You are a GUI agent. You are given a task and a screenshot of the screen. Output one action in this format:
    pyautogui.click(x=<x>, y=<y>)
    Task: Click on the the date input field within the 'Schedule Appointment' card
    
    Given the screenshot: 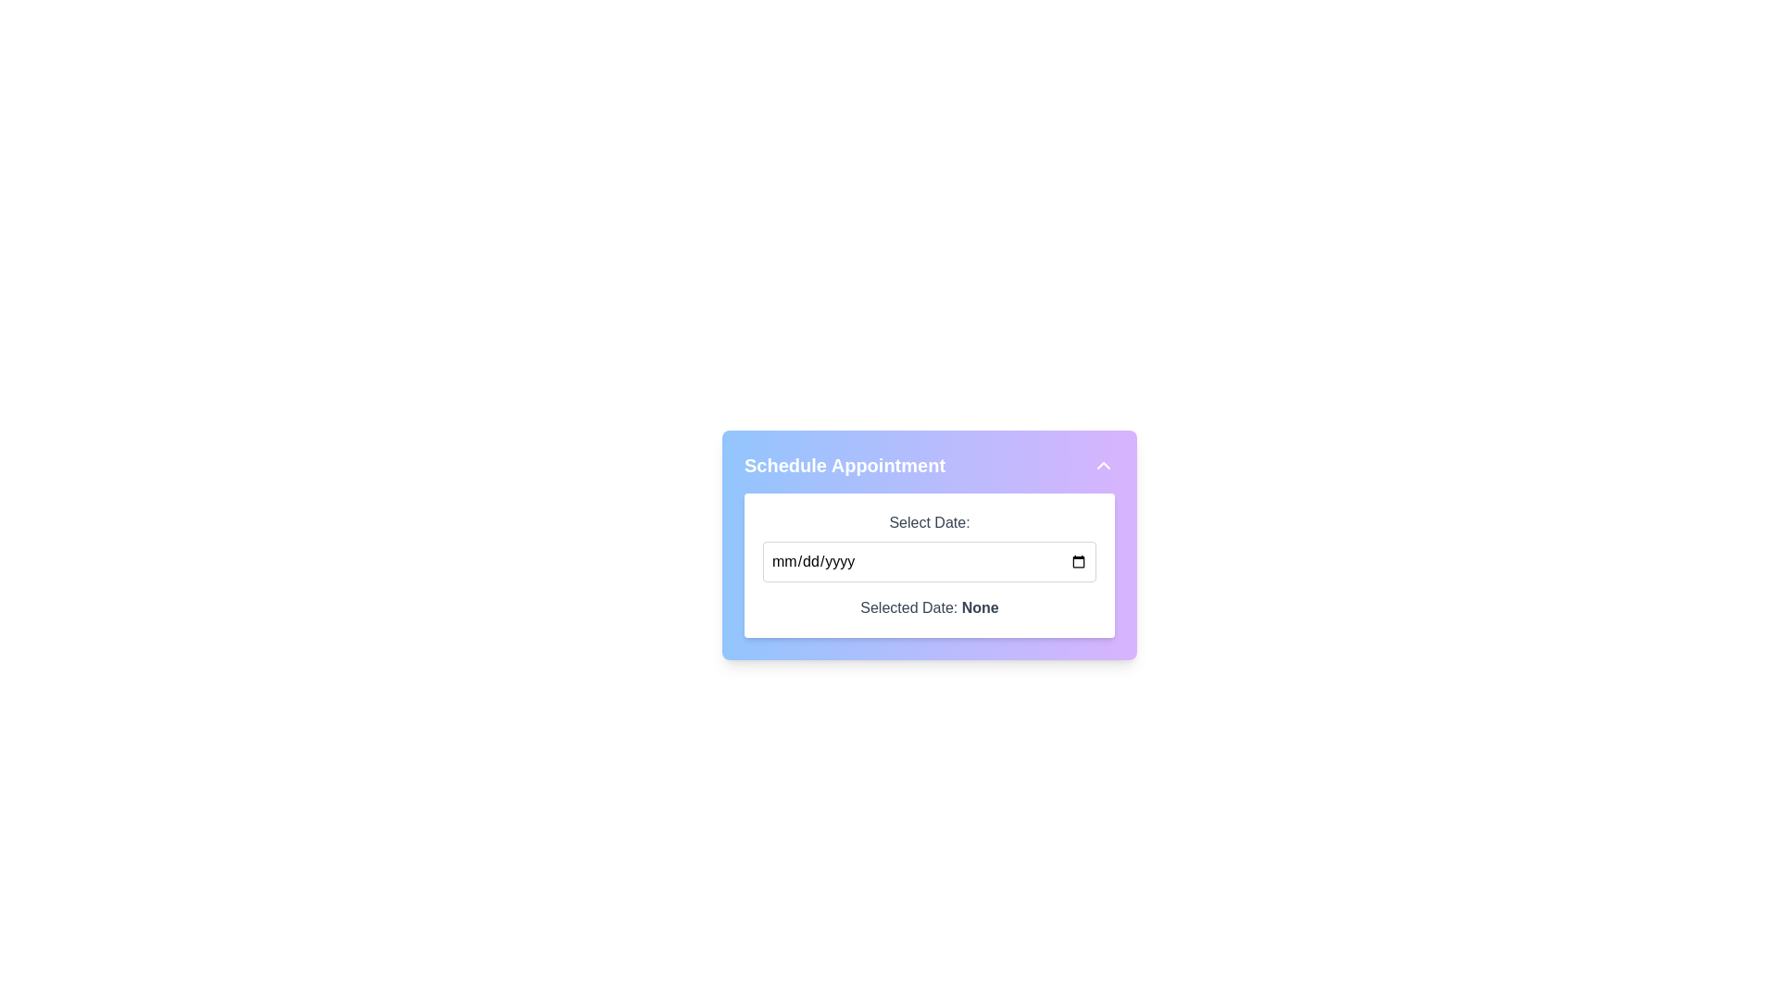 What is the action you would take?
    pyautogui.click(x=929, y=544)
    